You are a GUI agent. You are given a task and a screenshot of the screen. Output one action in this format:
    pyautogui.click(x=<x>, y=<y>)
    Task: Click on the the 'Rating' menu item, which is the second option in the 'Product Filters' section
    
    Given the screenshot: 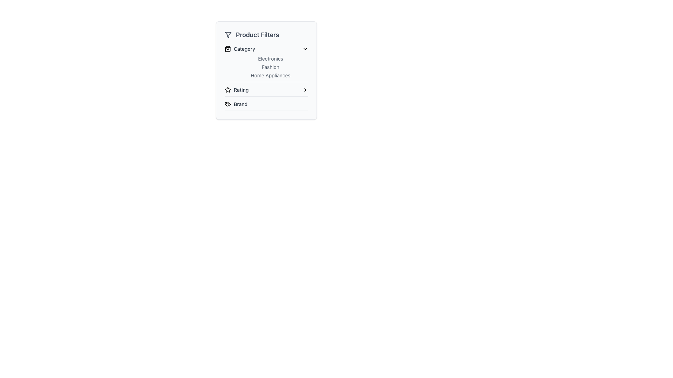 What is the action you would take?
    pyautogui.click(x=266, y=91)
    